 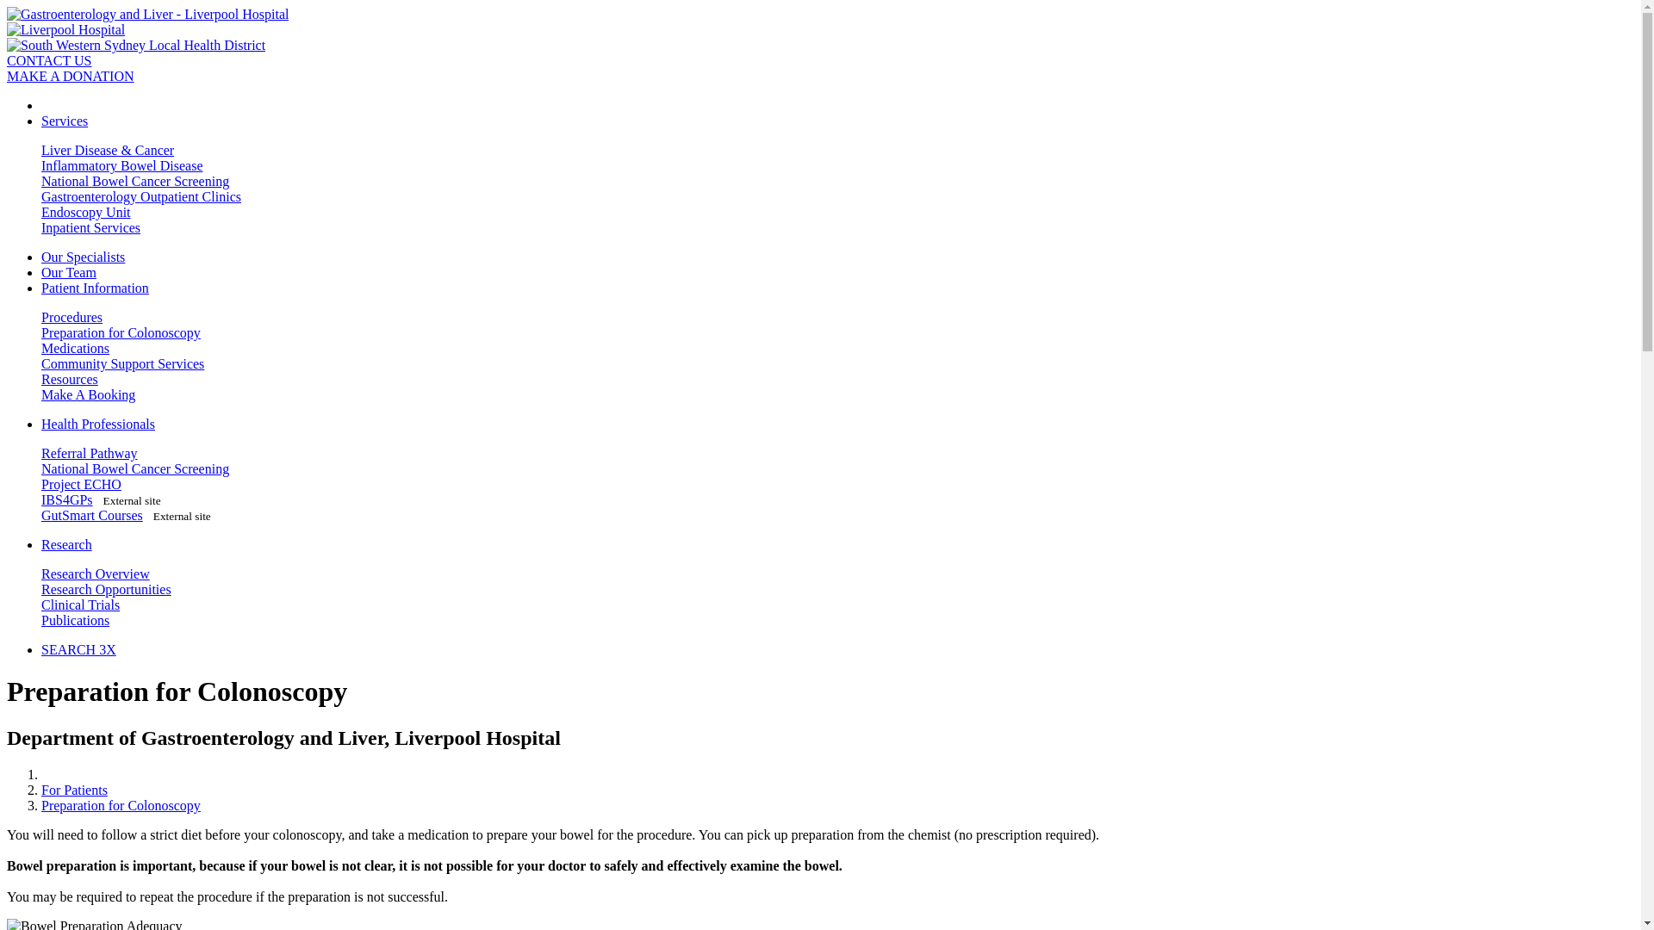 What do you see at coordinates (74, 620) in the screenshot?
I see `'Publications'` at bounding box center [74, 620].